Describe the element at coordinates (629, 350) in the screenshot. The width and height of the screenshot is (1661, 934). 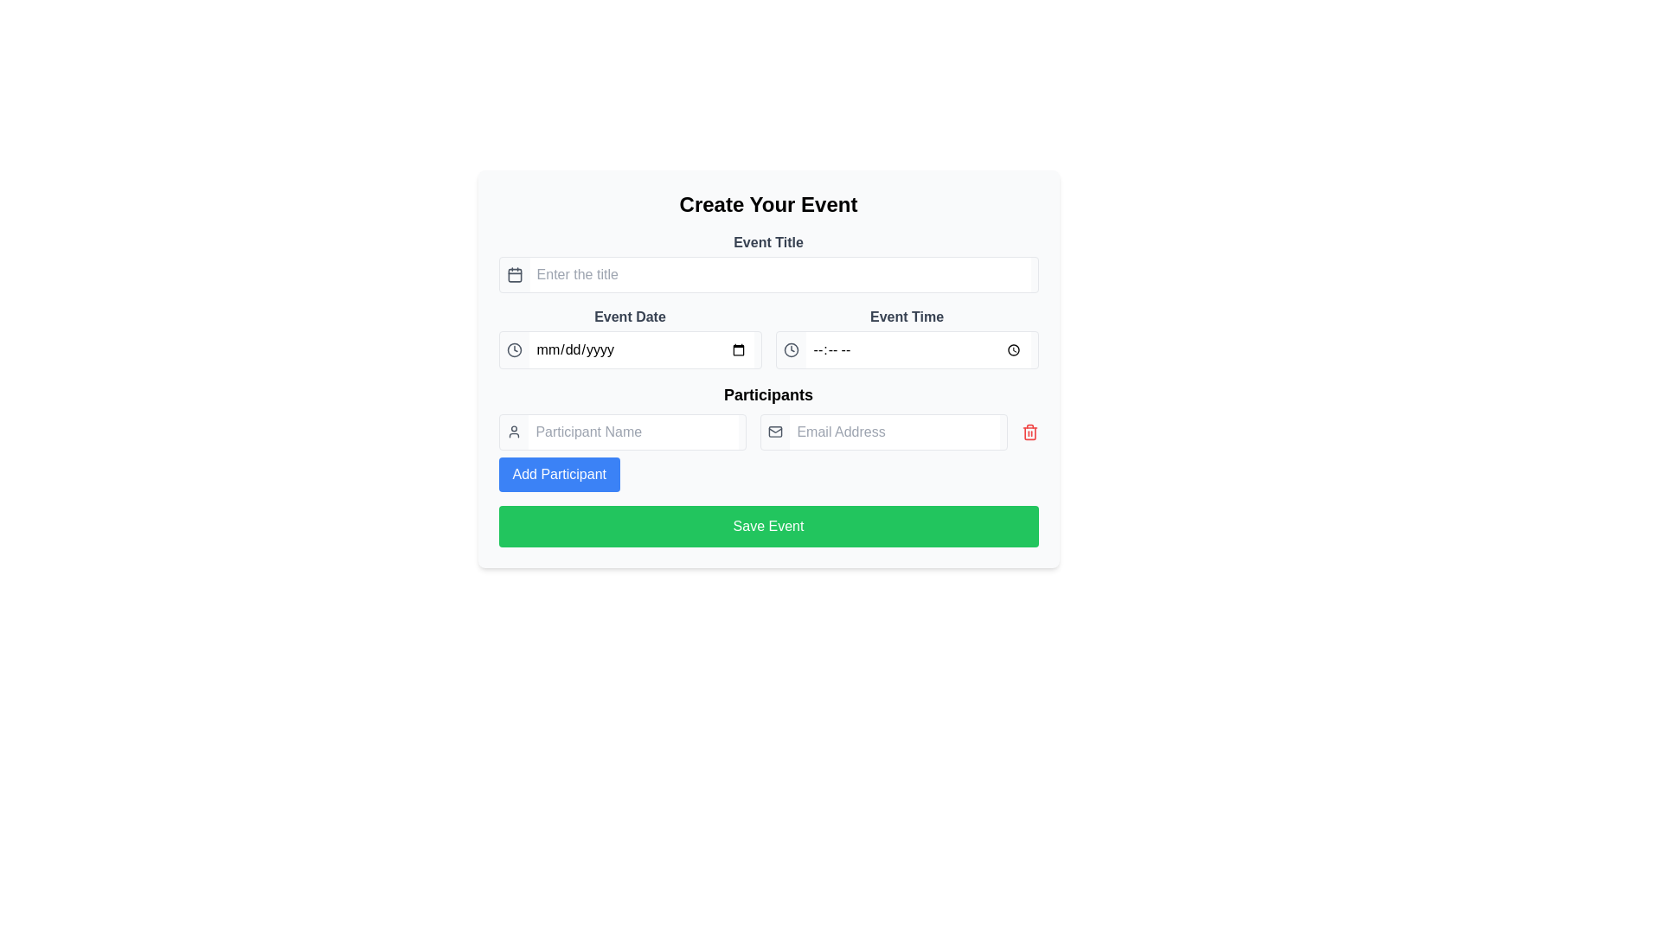
I see `the Date input field` at that location.